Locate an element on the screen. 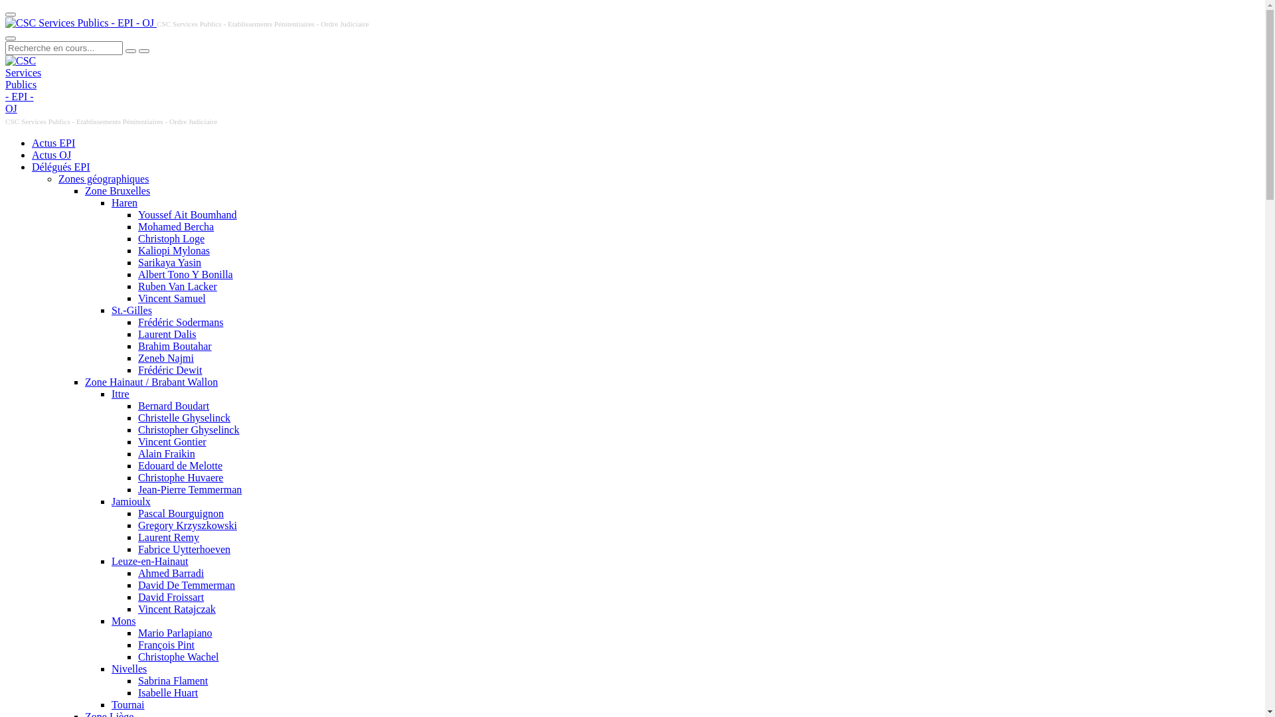 Image resolution: width=1275 pixels, height=717 pixels. 'Brahim Boutahar' is located at coordinates (174, 345).